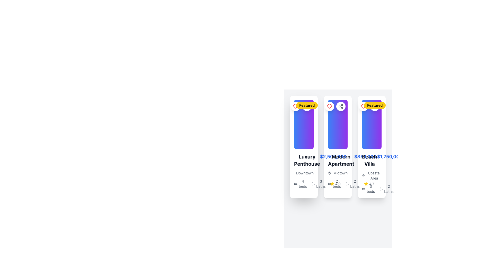  What do you see at coordinates (366, 184) in the screenshot?
I see `the yellow star icon indicating a rating of '4.7', which is positioned to the left of the numerical rating value` at bounding box center [366, 184].